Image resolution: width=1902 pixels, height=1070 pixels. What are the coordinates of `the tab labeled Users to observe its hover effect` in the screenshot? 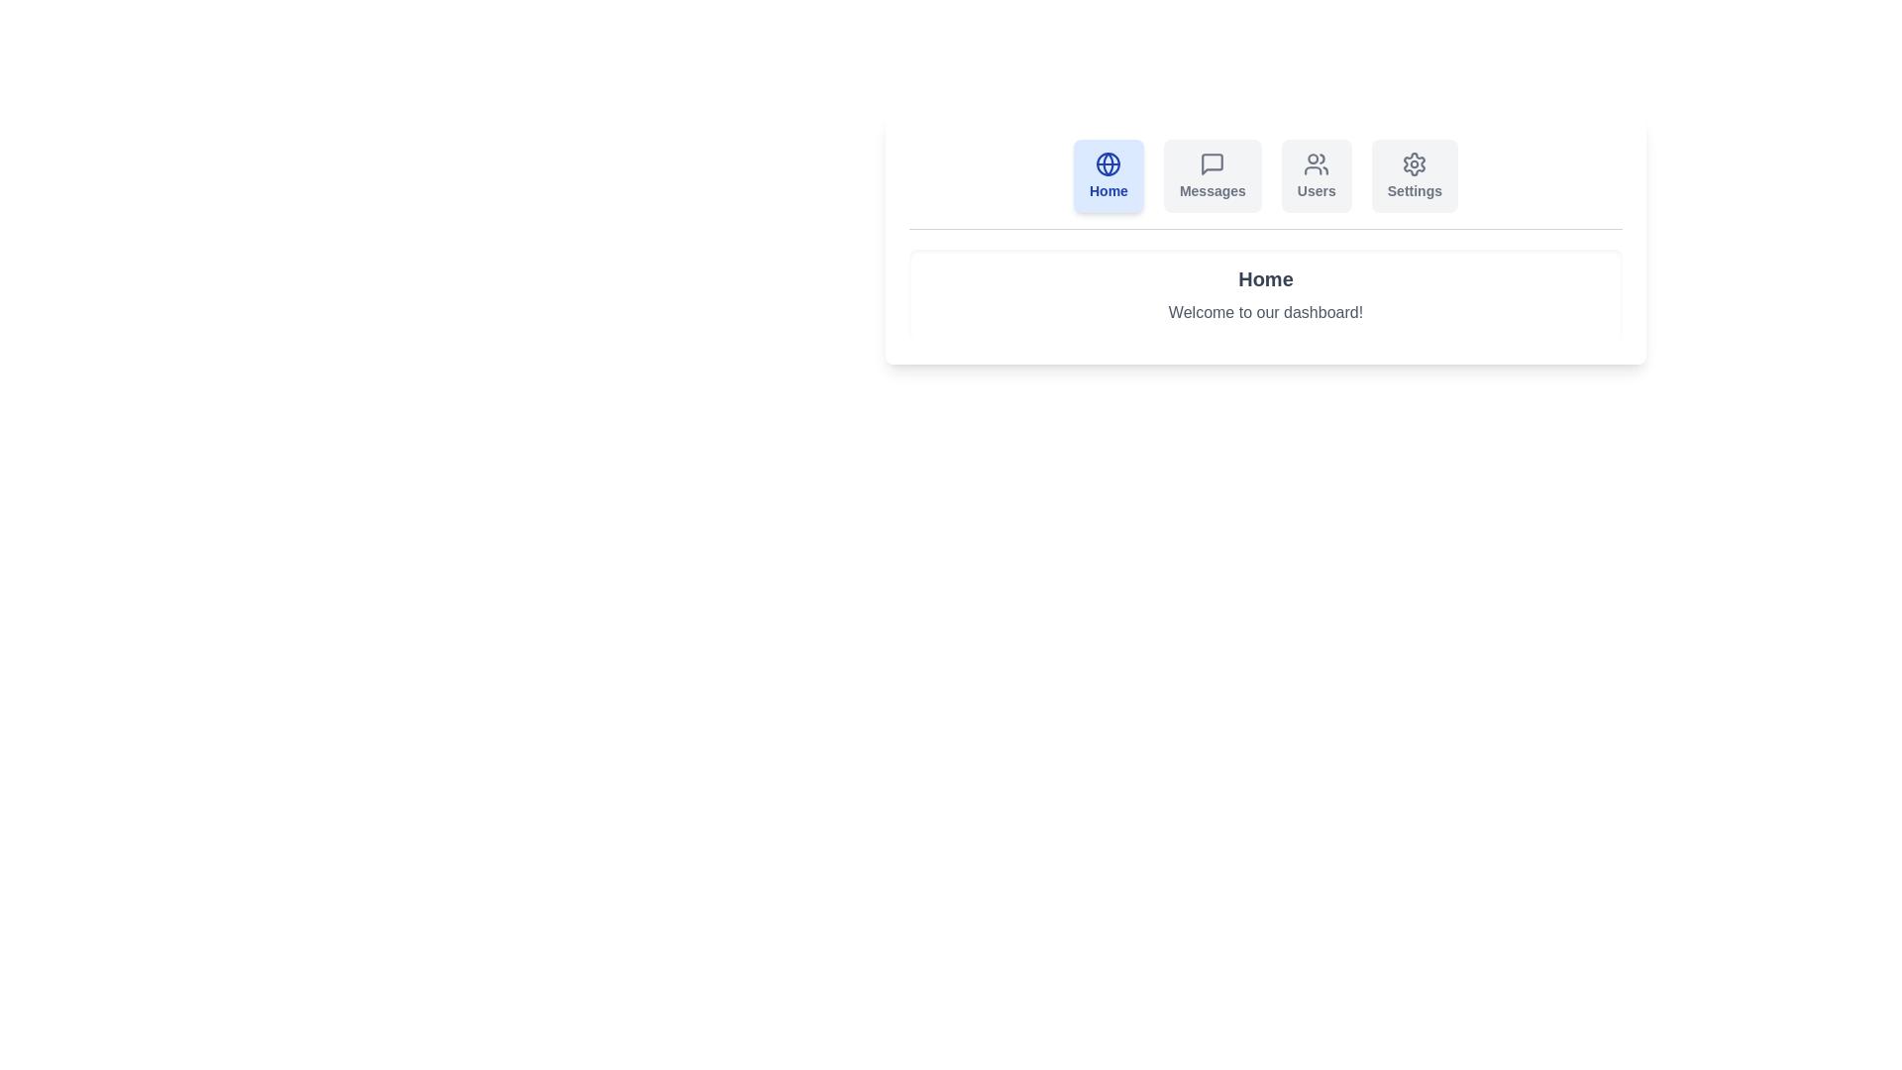 It's located at (1317, 174).